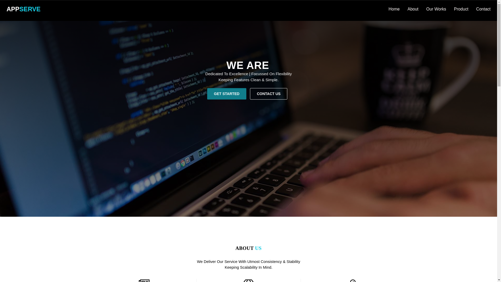 The height and width of the screenshot is (282, 501). What do you see at coordinates (450, 9) in the screenshot?
I see `'Product'` at bounding box center [450, 9].